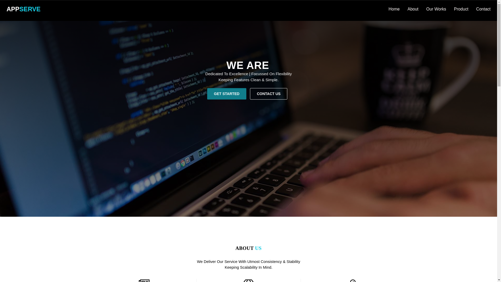 The height and width of the screenshot is (282, 501). What do you see at coordinates (450, 9) in the screenshot?
I see `'Product'` at bounding box center [450, 9].